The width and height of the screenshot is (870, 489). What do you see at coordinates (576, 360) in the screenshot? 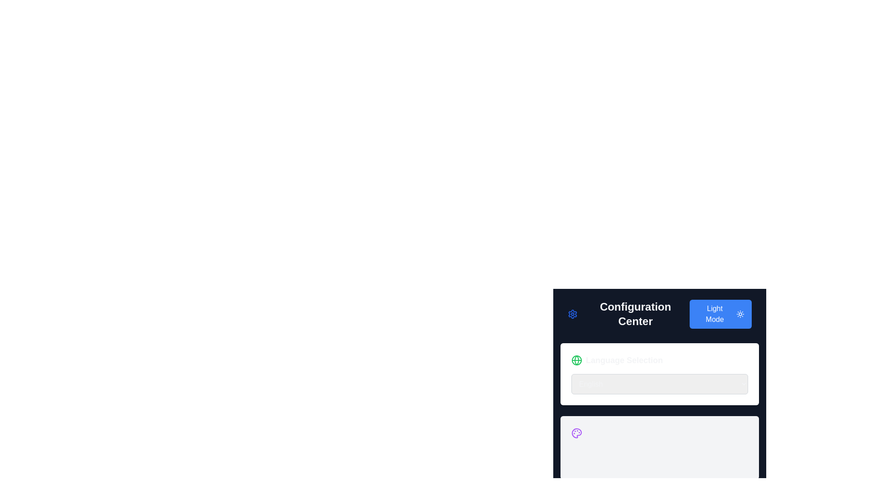
I see `the visual style of the small green globe icon with a circular outline and intersecting lines, located to the left of the 'Language Selection' text` at bounding box center [576, 360].